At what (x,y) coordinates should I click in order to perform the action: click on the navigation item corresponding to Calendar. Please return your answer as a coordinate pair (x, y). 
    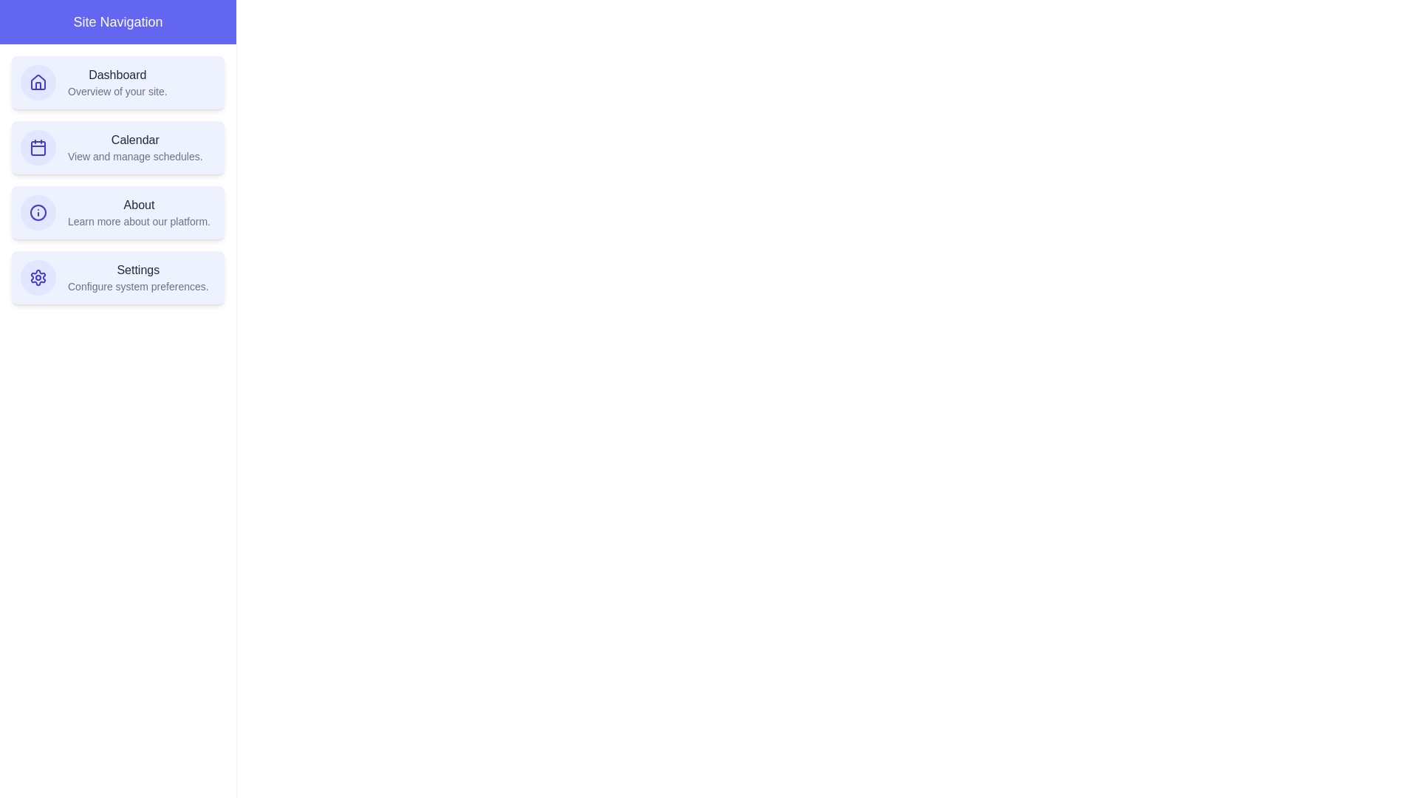
    Looking at the image, I should click on (117, 148).